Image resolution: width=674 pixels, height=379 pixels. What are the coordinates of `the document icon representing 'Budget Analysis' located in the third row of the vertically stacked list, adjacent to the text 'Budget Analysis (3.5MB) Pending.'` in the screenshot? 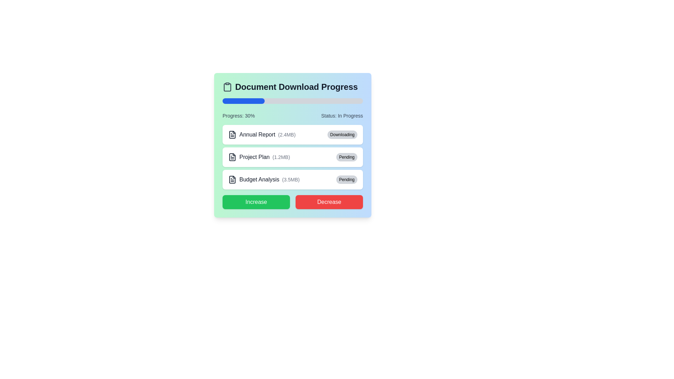 It's located at (232, 179).